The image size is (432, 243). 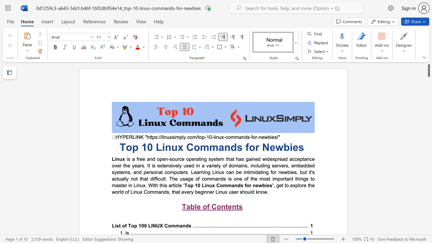 What do you see at coordinates (136, 137) in the screenshot?
I see `the subset text "NK" within the text "﷟HYPERLINK"` at bounding box center [136, 137].